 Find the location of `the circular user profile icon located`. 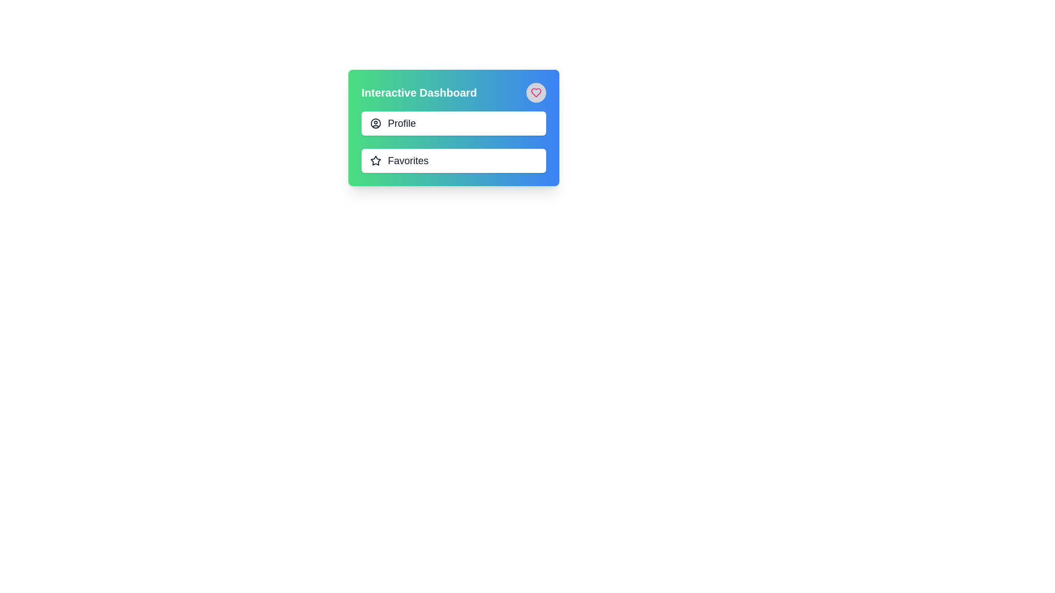

the circular user profile icon located is located at coordinates (376, 123).